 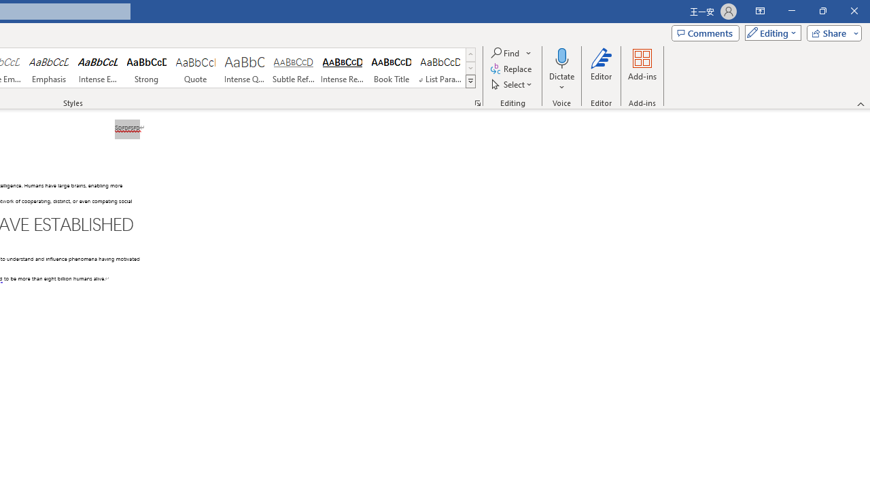 What do you see at coordinates (511, 52) in the screenshot?
I see `'Find'` at bounding box center [511, 52].